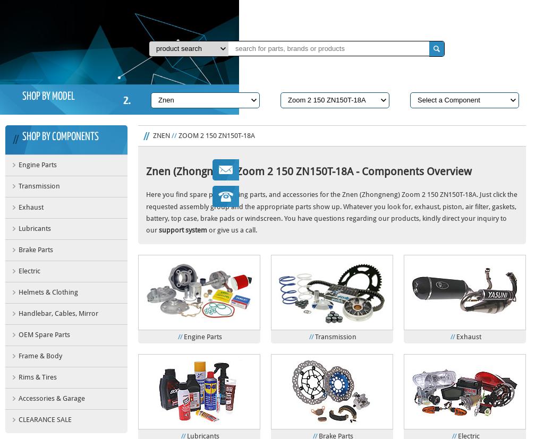 This screenshot has height=439, width=544. Describe the element at coordinates (232, 229) in the screenshot. I see `'or give us a call.'` at that location.